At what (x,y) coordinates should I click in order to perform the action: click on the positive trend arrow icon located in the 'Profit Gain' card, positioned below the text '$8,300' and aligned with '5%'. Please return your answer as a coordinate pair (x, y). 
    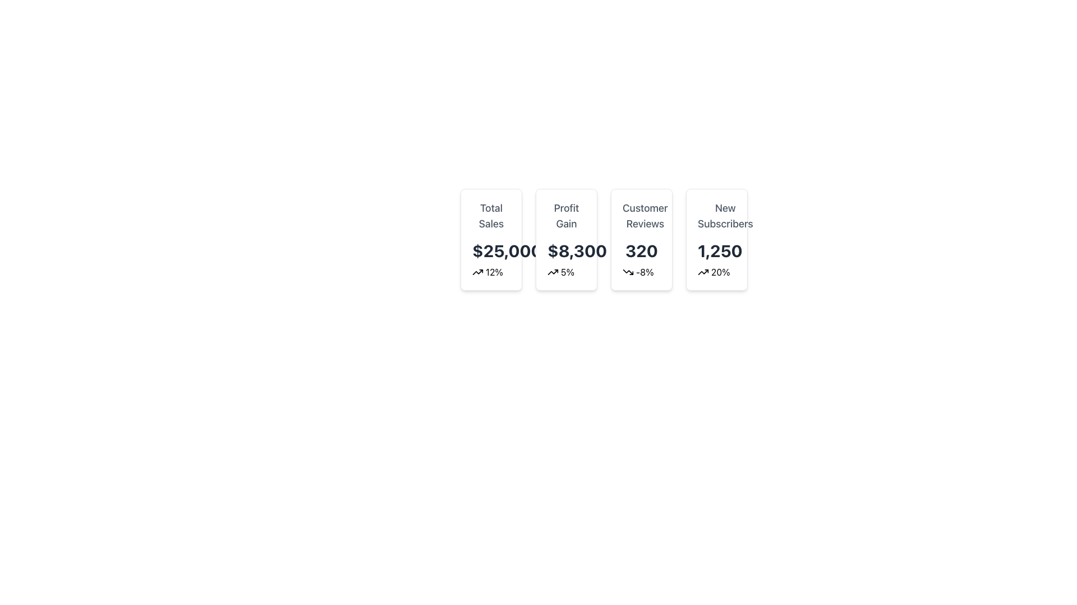
    Looking at the image, I should click on (553, 272).